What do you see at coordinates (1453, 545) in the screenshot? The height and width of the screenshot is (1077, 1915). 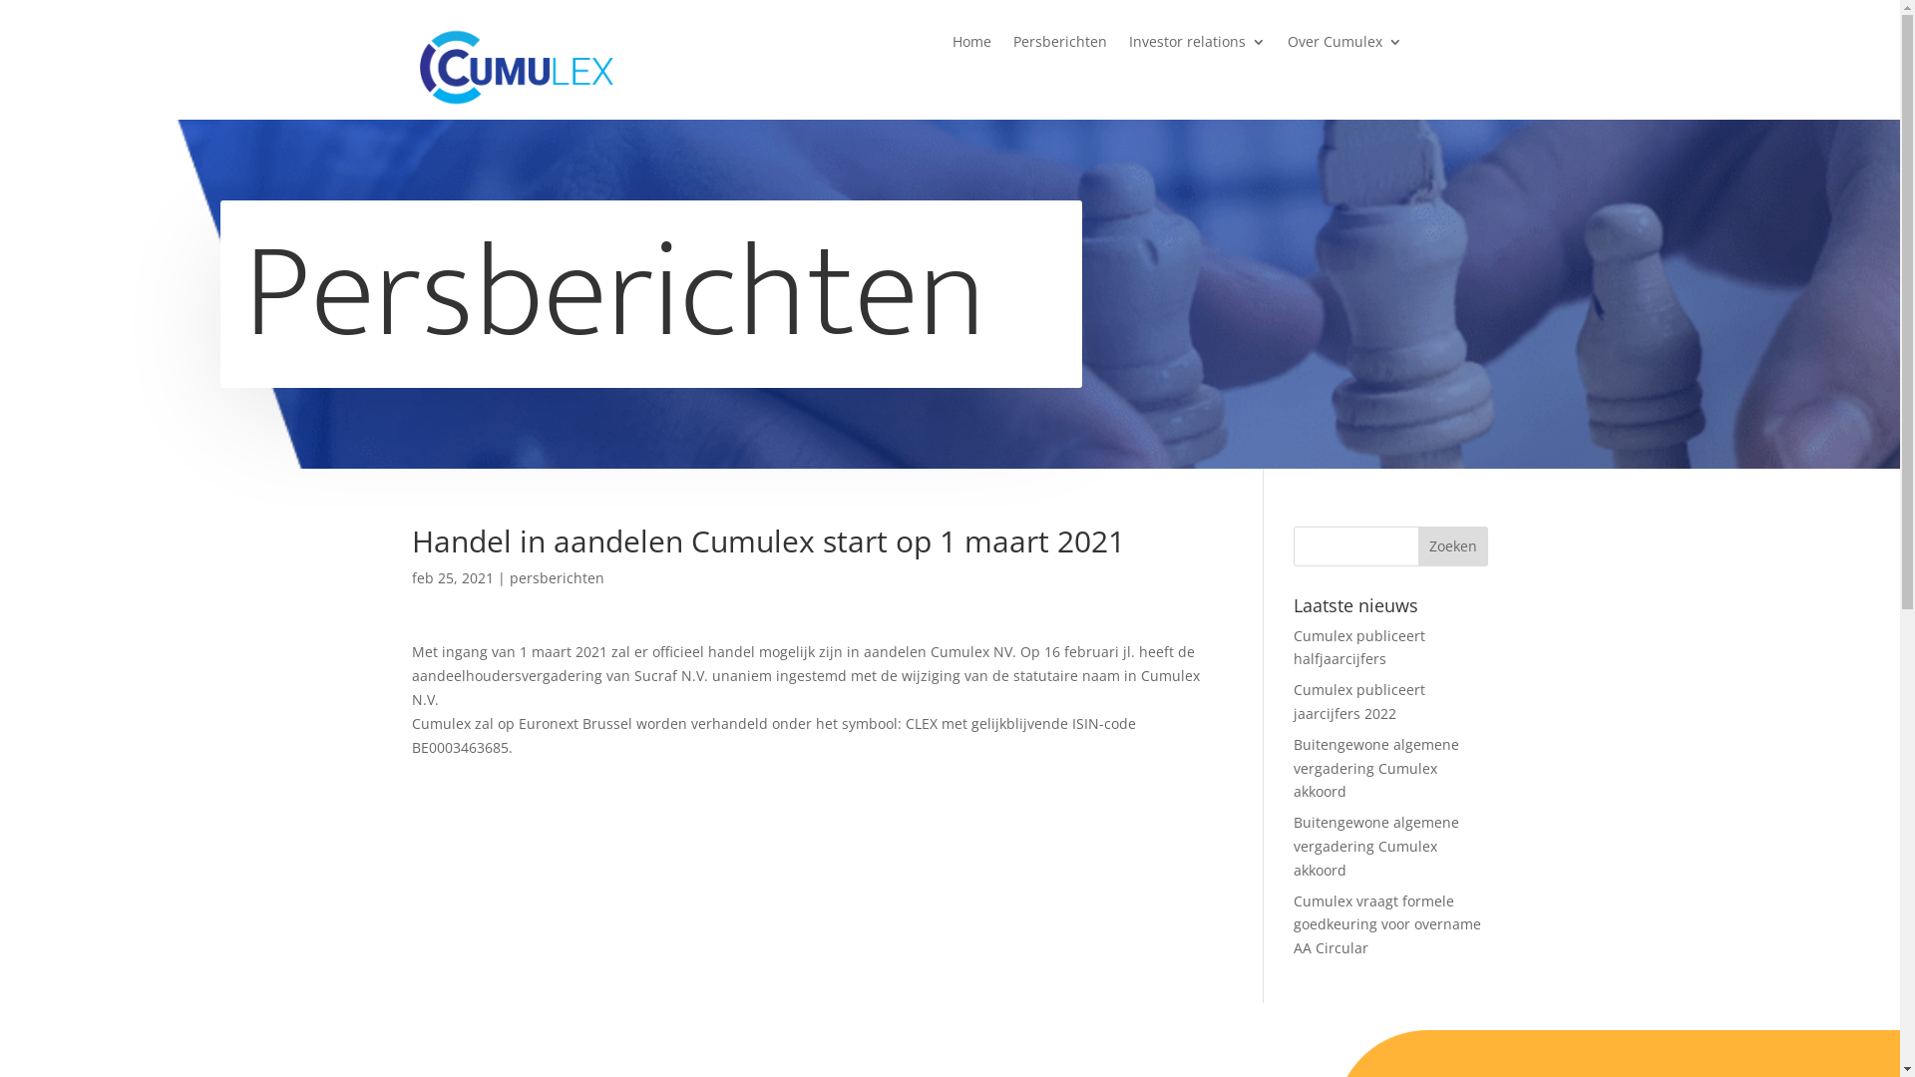 I see `'Zoeken'` at bounding box center [1453, 545].